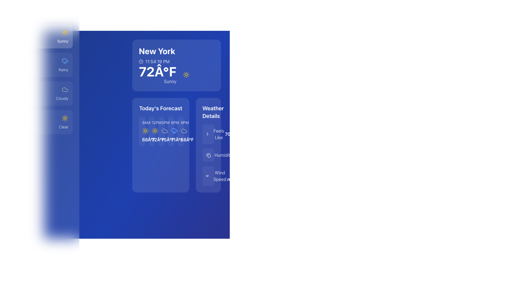 The height and width of the screenshot is (297, 529). What do you see at coordinates (207, 134) in the screenshot?
I see `the thermometer icon located in the 'Weather Details' sidebar section, positioned to the left of the 'Feels Like' label` at bounding box center [207, 134].